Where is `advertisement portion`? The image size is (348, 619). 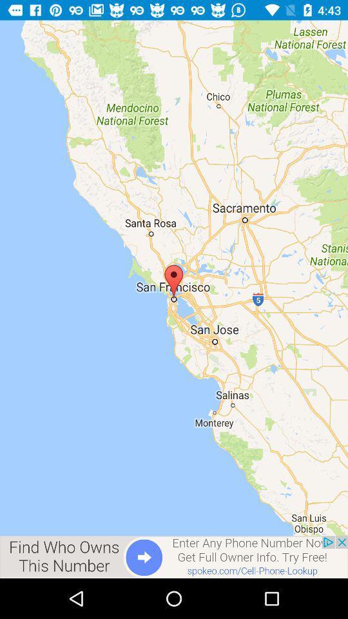 advertisement portion is located at coordinates (174, 556).